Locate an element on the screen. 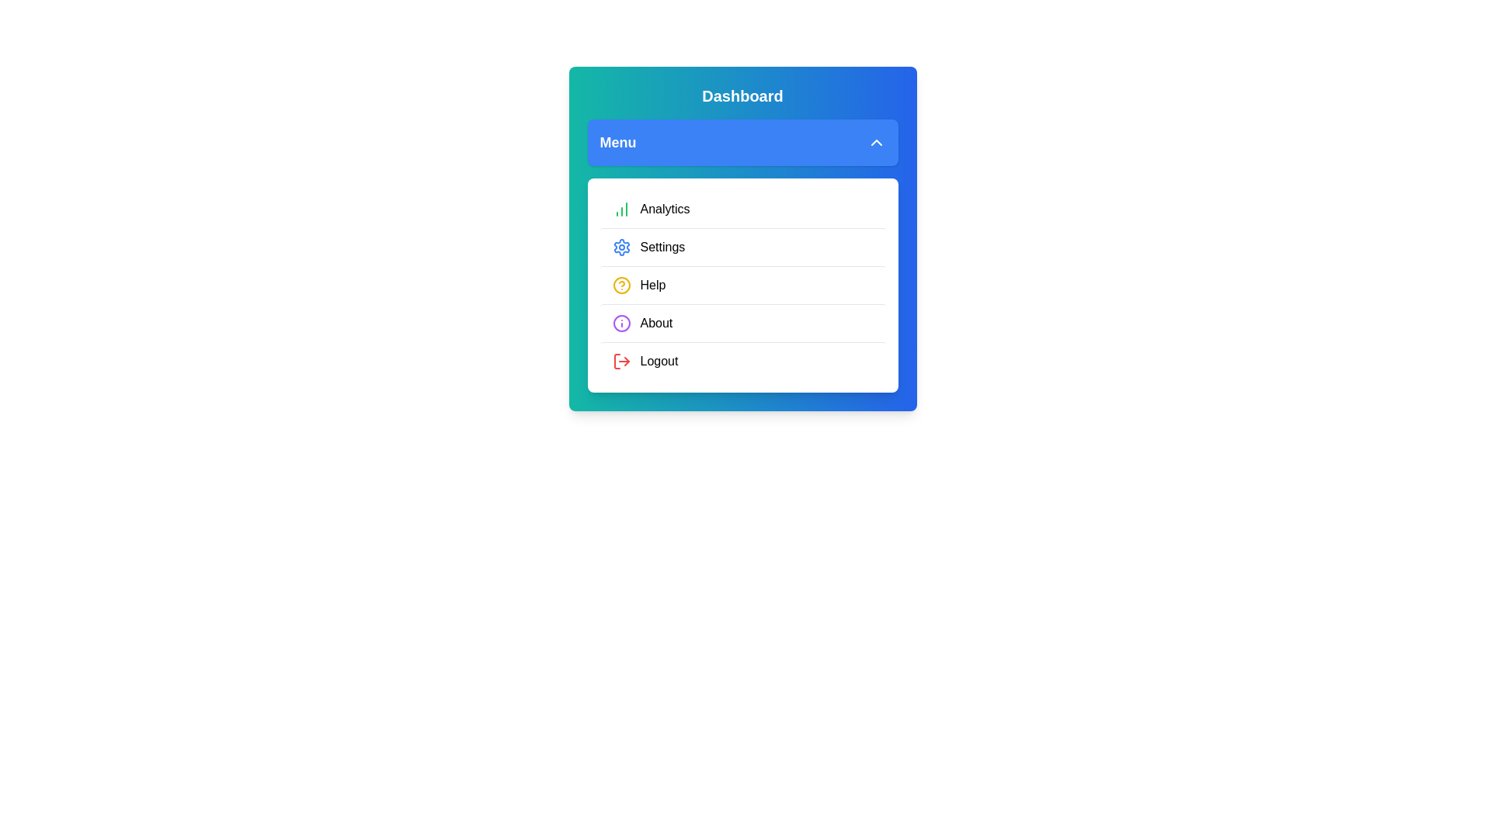 This screenshot has height=838, width=1491. the button located at the far-right side of the 'Menu' bar, which is inside a blue rectangular box at the top of the panel, to toggle or indicate the collapsing or expanding of the menu section below it is located at coordinates (876, 143).